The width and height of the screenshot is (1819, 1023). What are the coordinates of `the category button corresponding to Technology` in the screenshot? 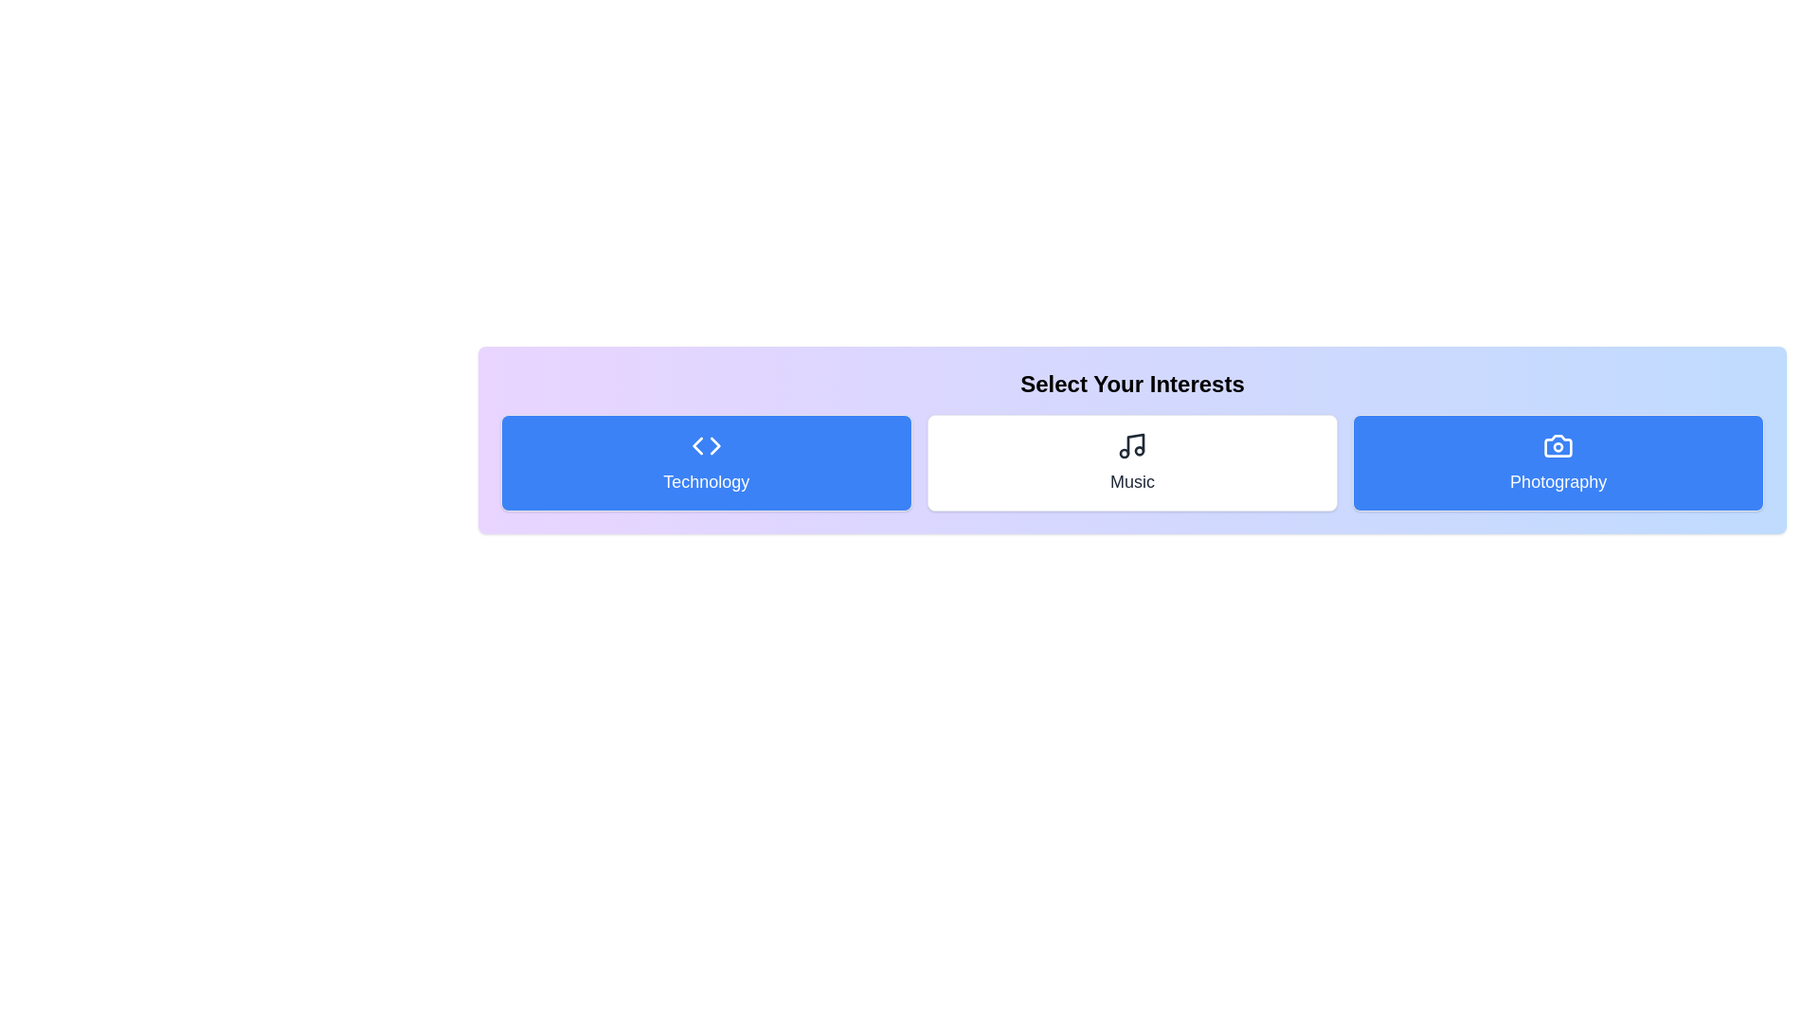 It's located at (705, 463).